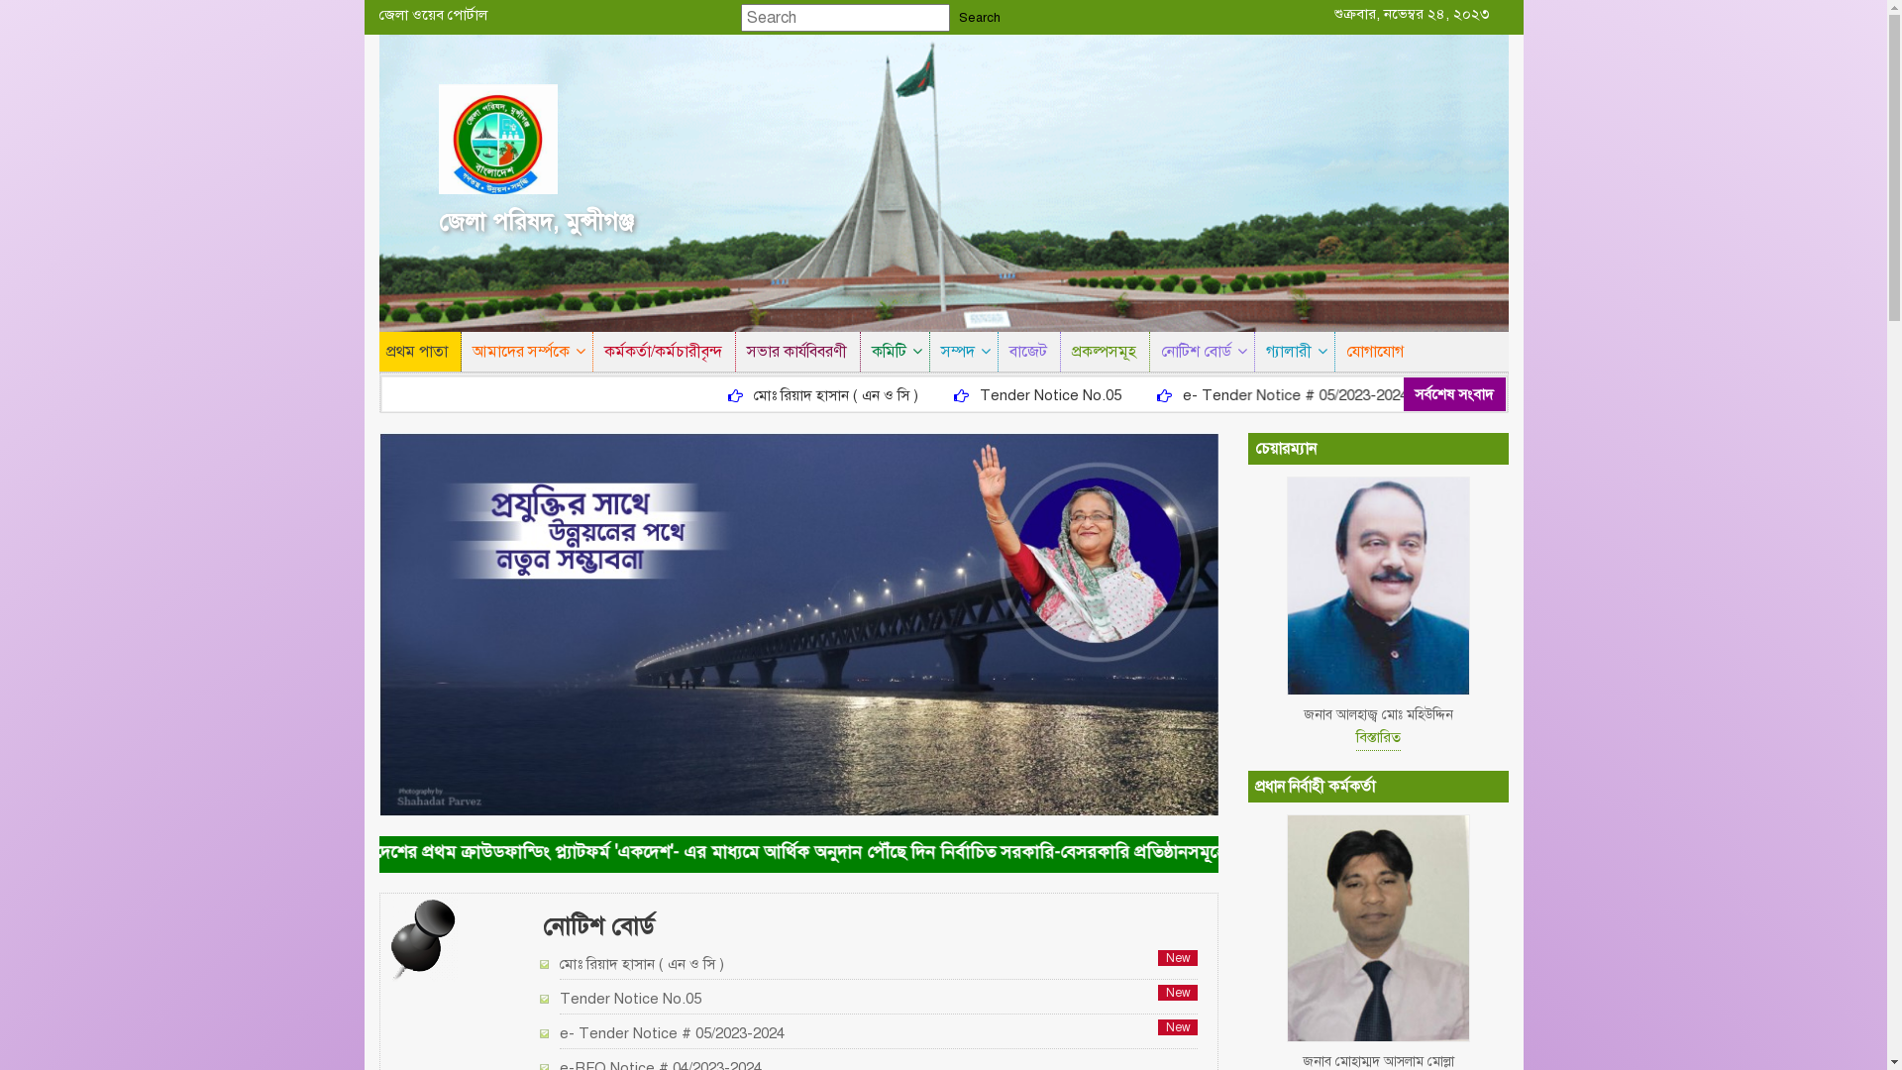 The image size is (1902, 1070). What do you see at coordinates (979, 18) in the screenshot?
I see `'Search'` at bounding box center [979, 18].